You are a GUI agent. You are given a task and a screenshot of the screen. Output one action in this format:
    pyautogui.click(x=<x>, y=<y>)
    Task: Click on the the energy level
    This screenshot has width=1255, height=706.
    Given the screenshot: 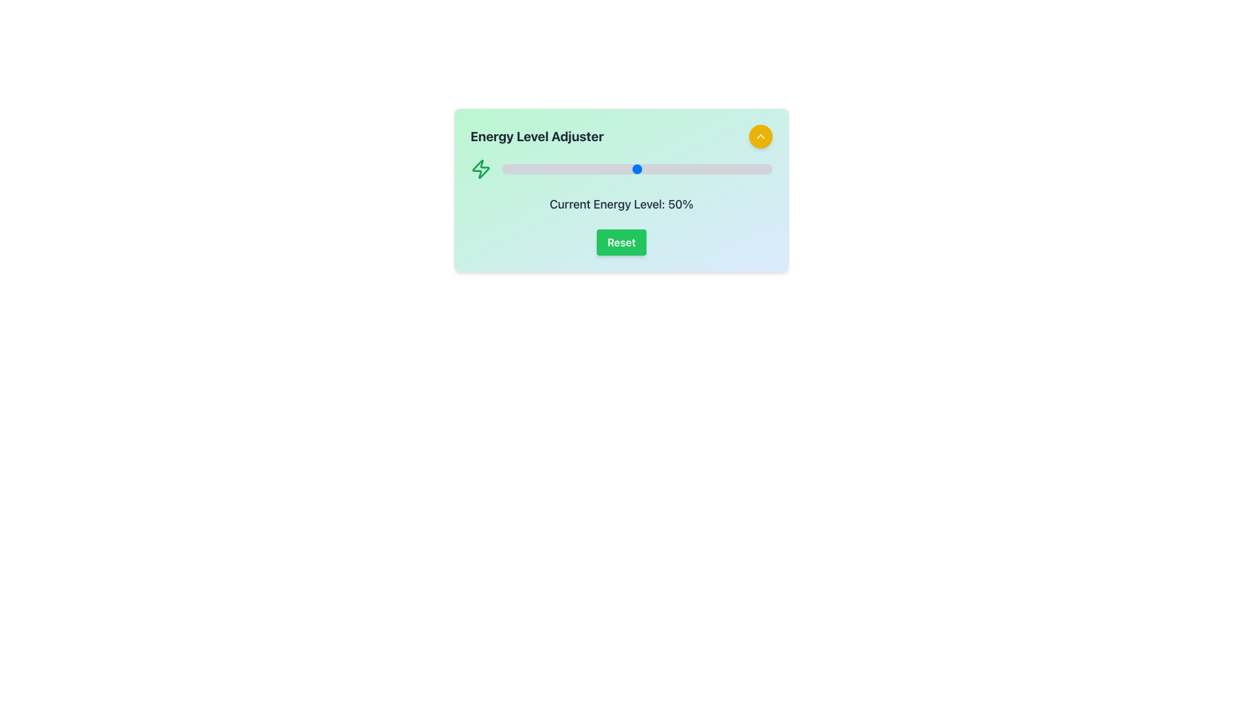 What is the action you would take?
    pyautogui.click(x=612, y=168)
    